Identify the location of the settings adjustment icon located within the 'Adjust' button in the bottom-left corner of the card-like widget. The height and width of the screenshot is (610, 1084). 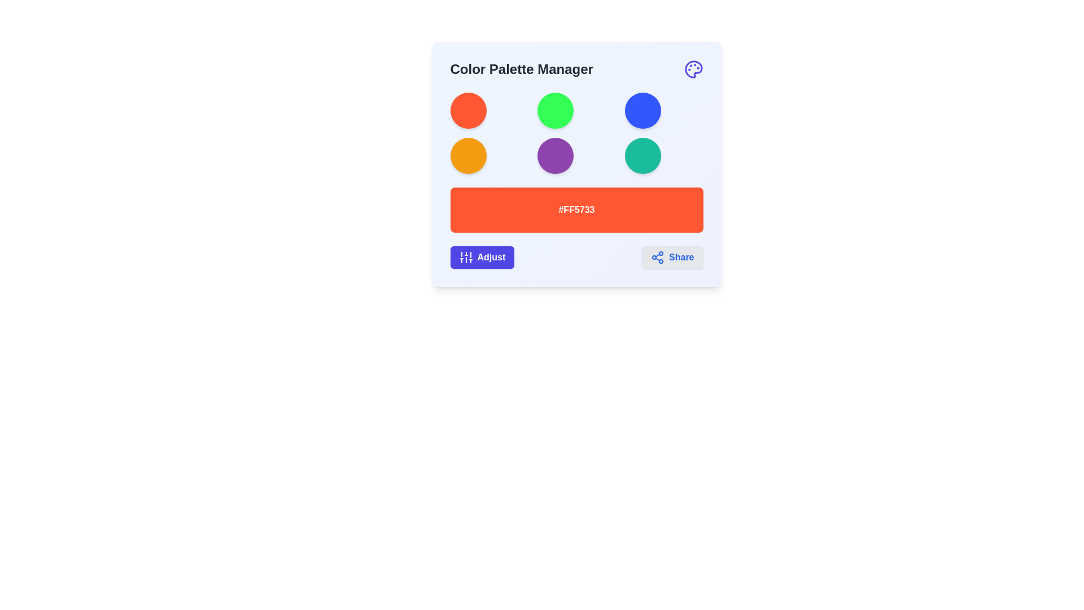
(466, 257).